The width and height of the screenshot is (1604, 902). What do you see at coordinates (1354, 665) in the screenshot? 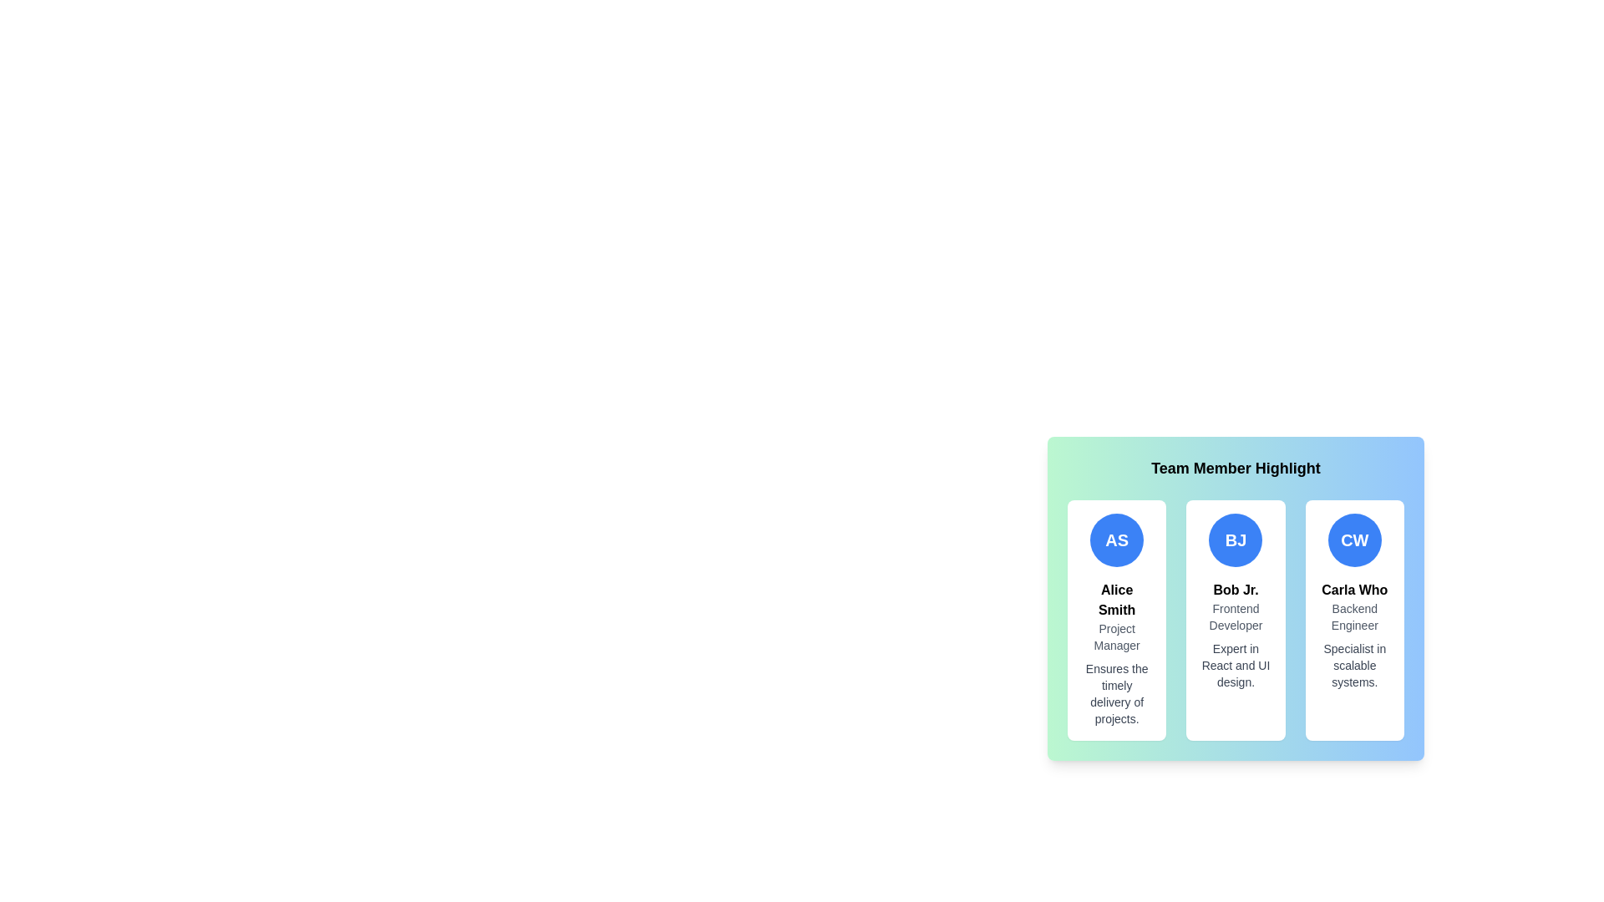
I see `text block that says 'Specialist in scalable systems.' located within the profile card for 'Carla Who.'` at bounding box center [1354, 665].